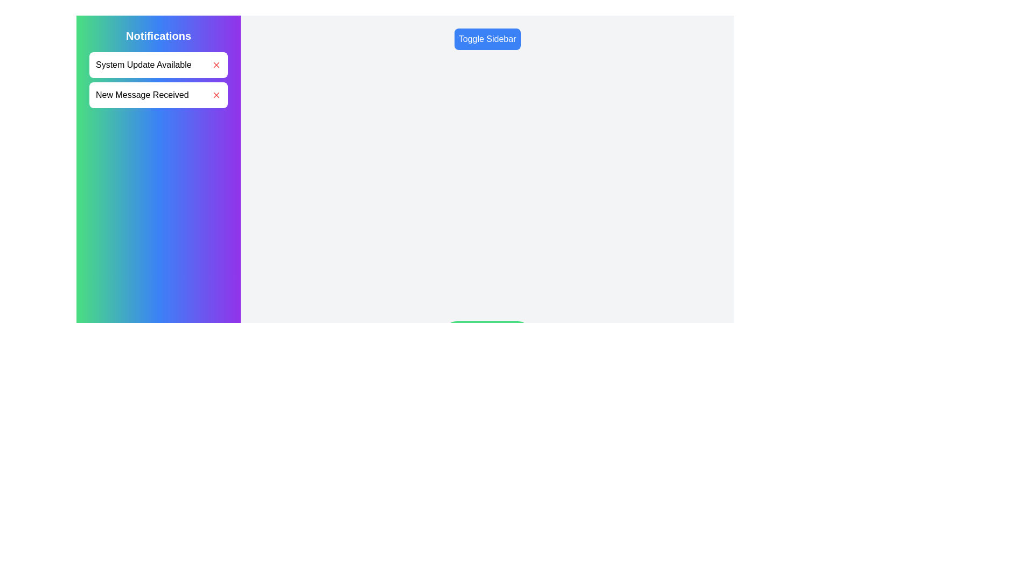  Describe the element at coordinates (158, 35) in the screenshot. I see `the bold 'Notifications' header text, which is prominently displayed at the top of a gradient background panel in a sidebar` at that location.